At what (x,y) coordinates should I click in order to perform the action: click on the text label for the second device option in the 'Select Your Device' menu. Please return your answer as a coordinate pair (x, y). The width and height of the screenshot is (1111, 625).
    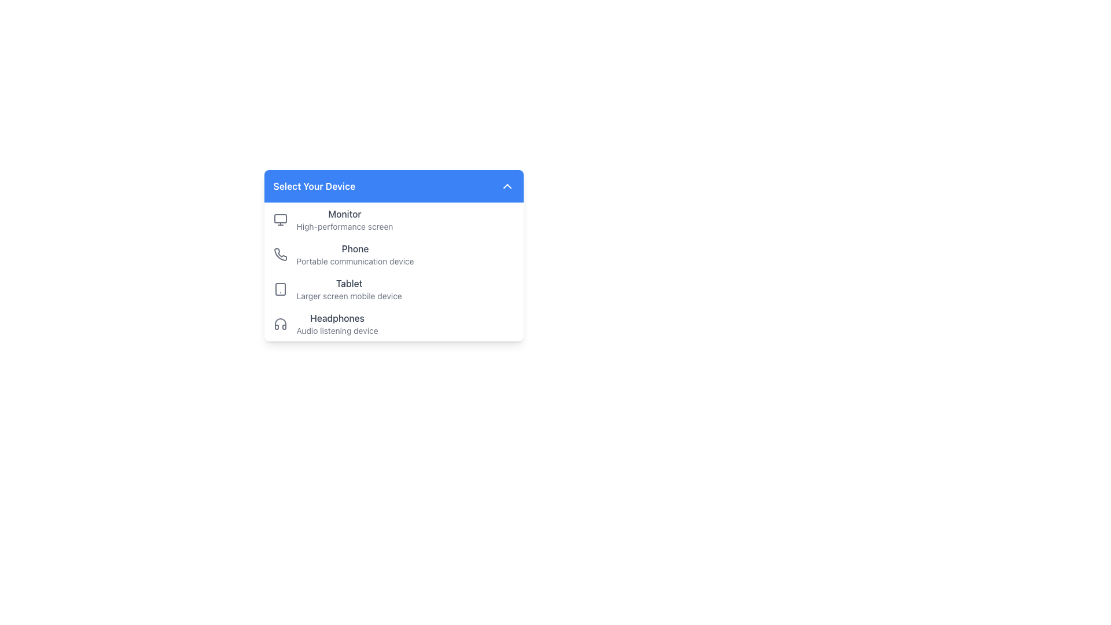
    Looking at the image, I should click on (355, 248).